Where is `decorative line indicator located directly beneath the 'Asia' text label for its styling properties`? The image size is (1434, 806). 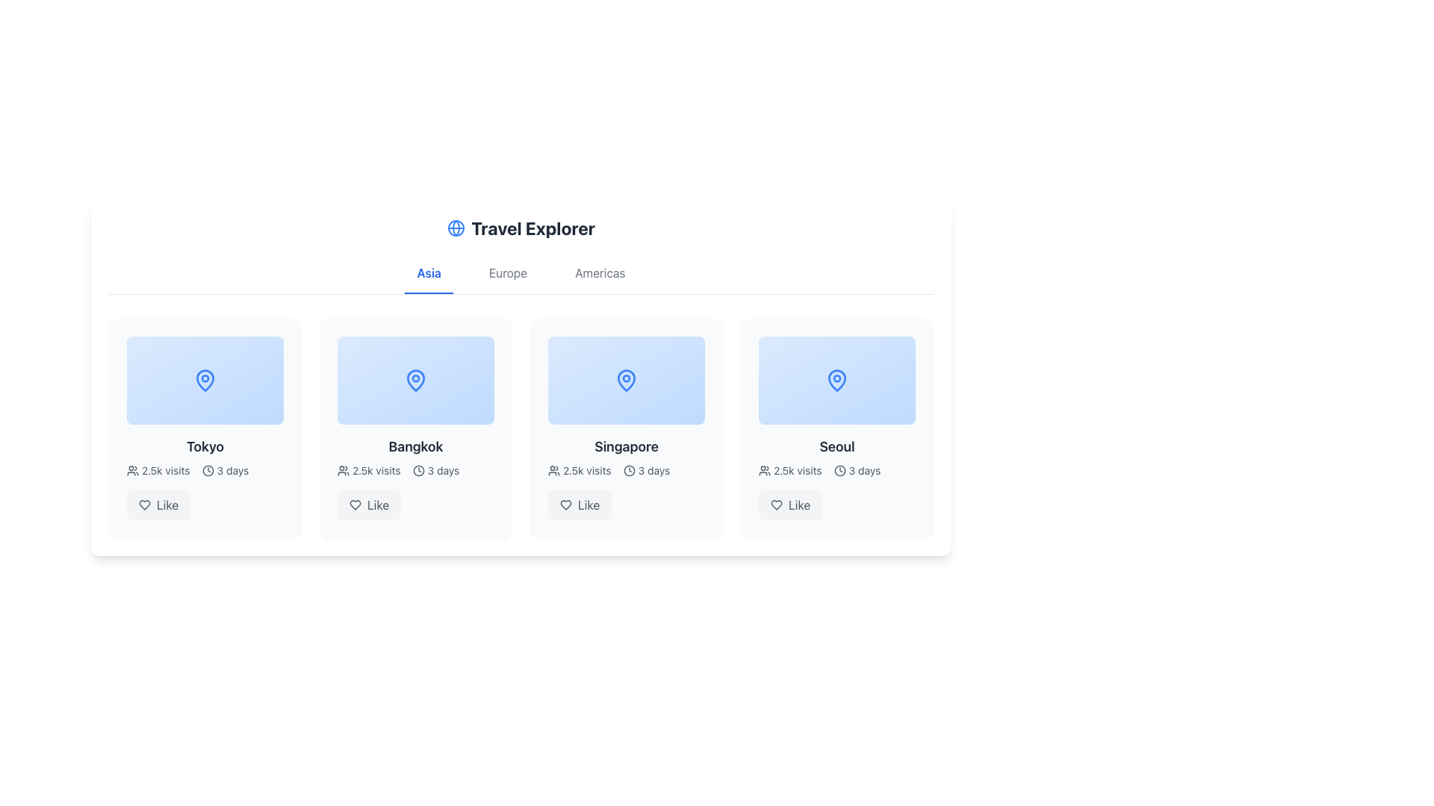
decorative line indicator located directly beneath the 'Asia' text label for its styling properties is located at coordinates (428, 293).